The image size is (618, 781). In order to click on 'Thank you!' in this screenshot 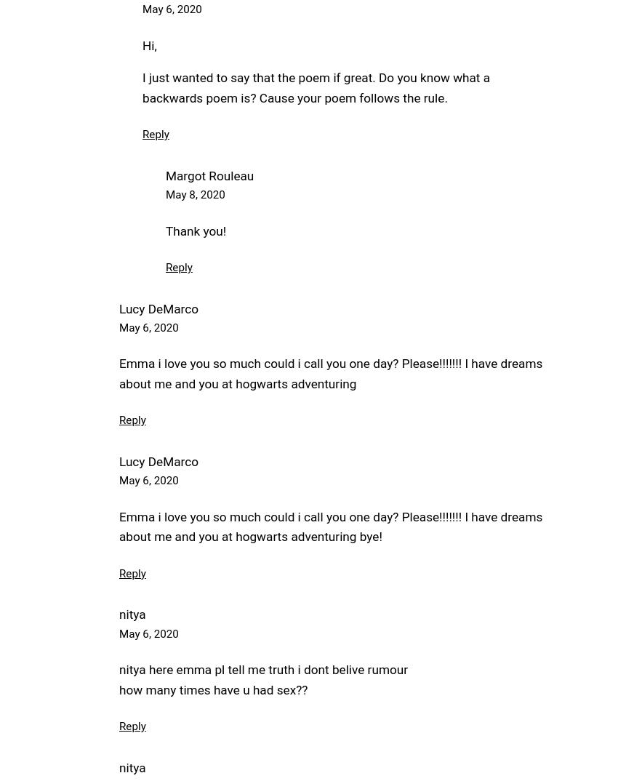, I will do `click(195, 231)`.